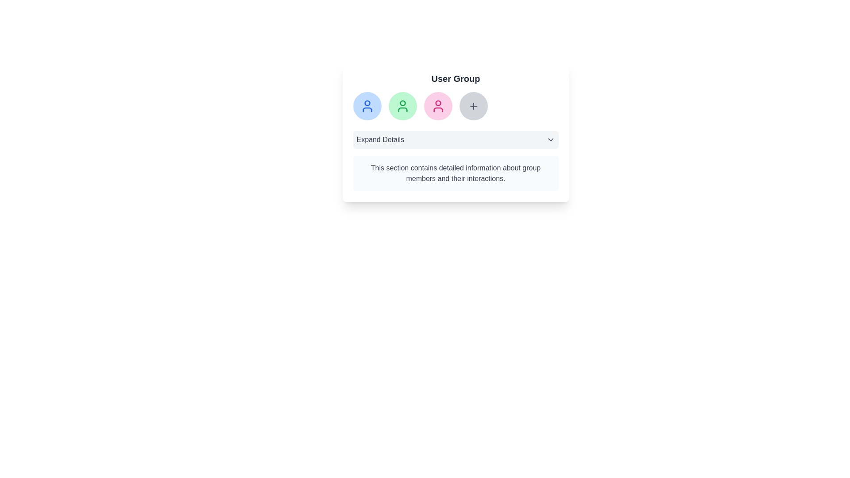 The height and width of the screenshot is (478, 850). What do you see at coordinates (367, 105) in the screenshot?
I see `the user icon, which is styled with a blue color and located within a light blue circular background` at bounding box center [367, 105].